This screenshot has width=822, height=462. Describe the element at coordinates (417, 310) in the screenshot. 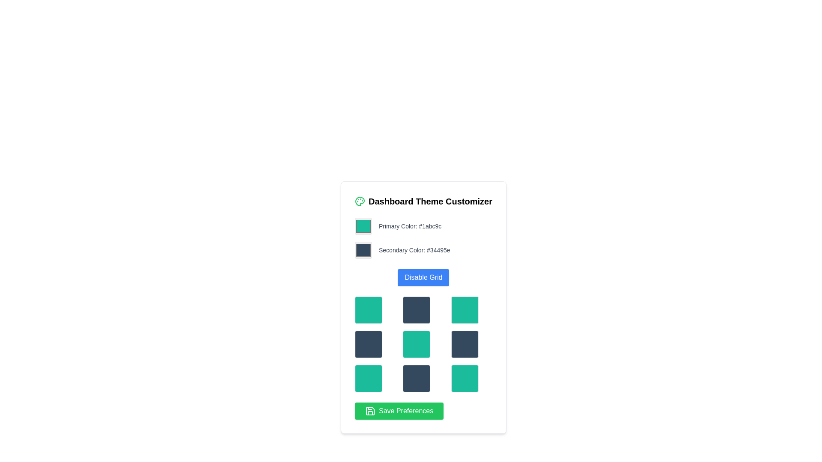

I see `the dark blue-gray square button located in the middle row and middle column of the 3x3 grid` at that location.